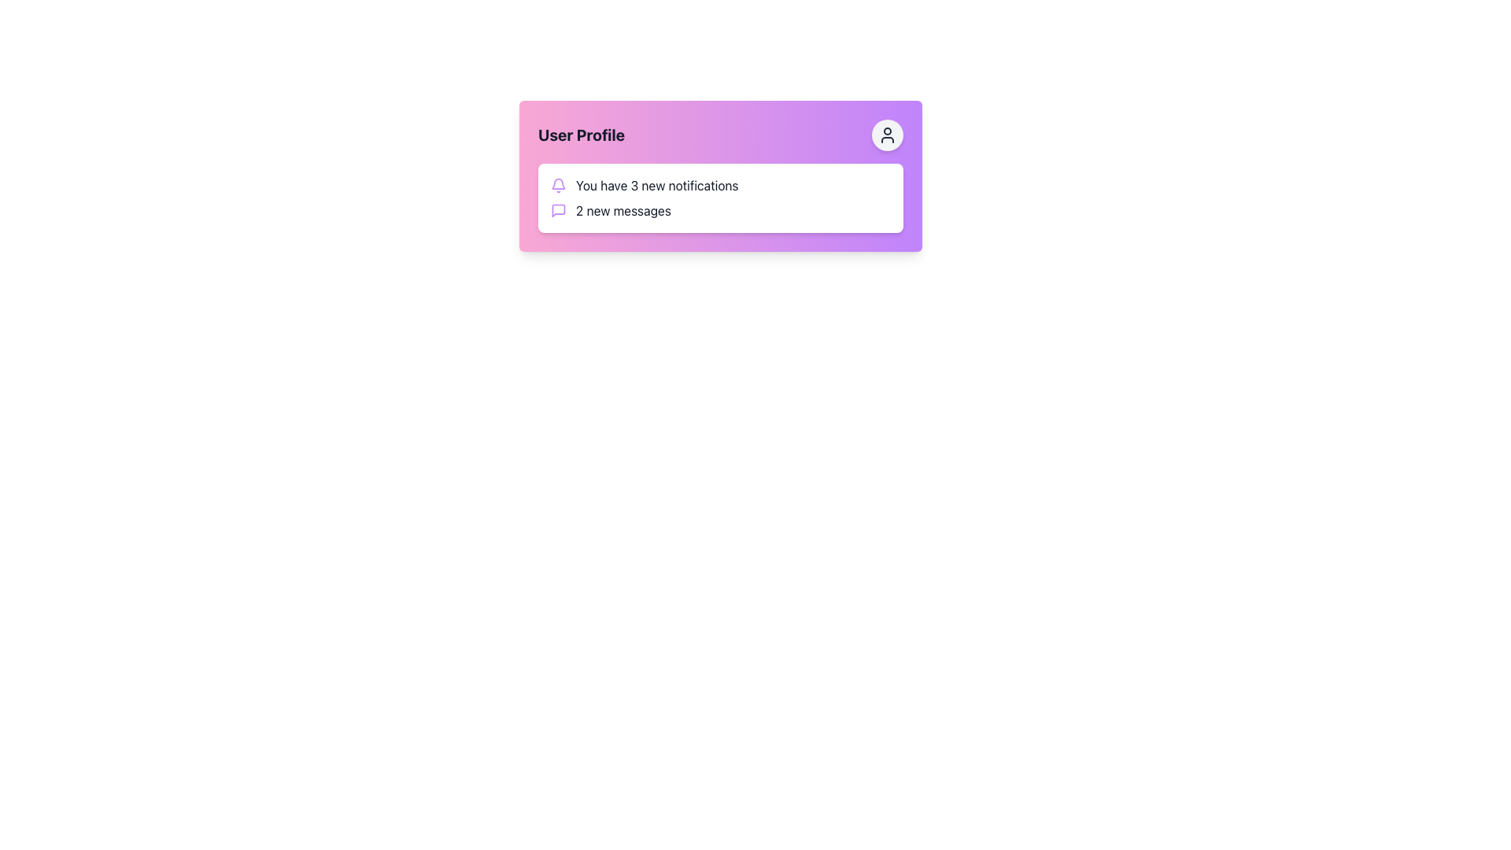 This screenshot has width=1511, height=850. What do you see at coordinates (657, 184) in the screenshot?
I see `the notification count text element located next to the bell icon, which indicates the number of new notifications received` at bounding box center [657, 184].